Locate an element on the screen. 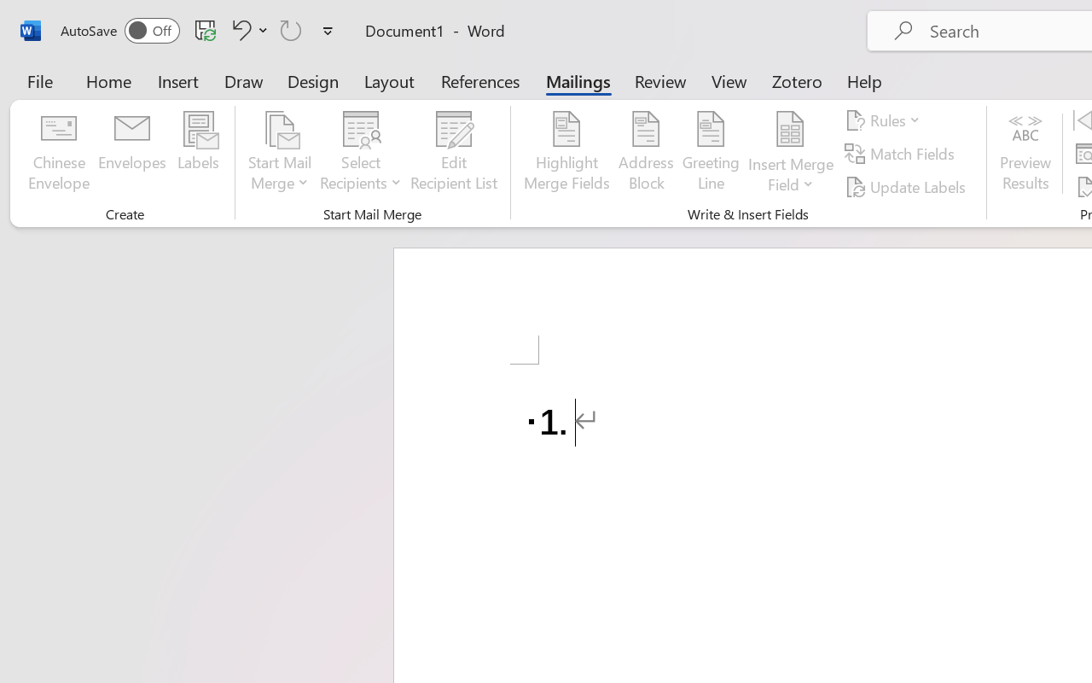  'Start Mail Merge' is located at coordinates (280, 153).